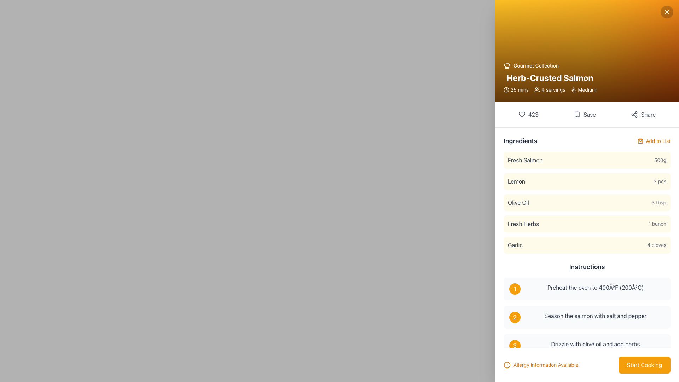  What do you see at coordinates (587, 195) in the screenshot?
I see `the list item labeled 'Olive Oil' with the quantity '3 tbsp', which is the third item in the ingredient checklist` at bounding box center [587, 195].